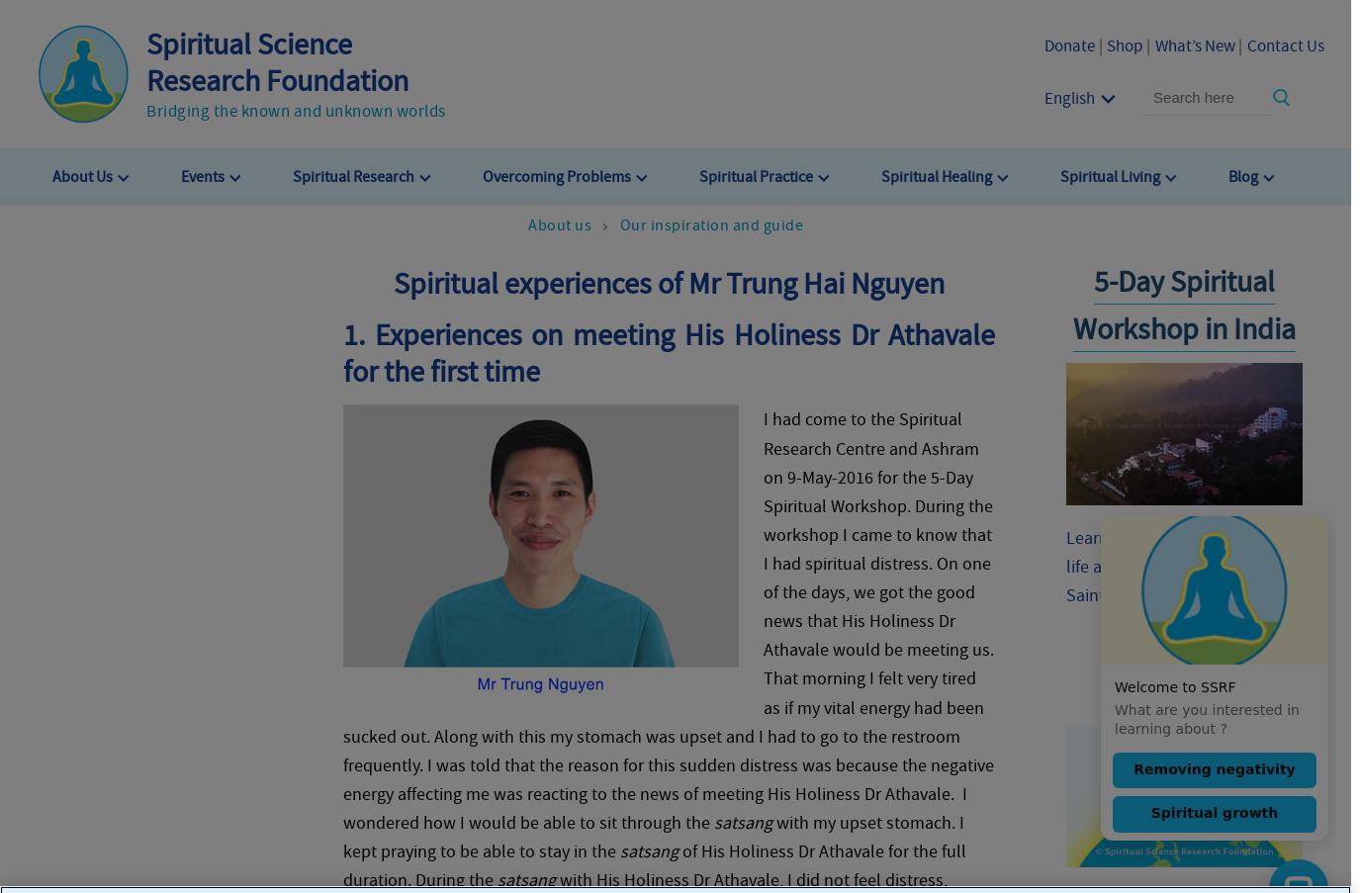  Describe the element at coordinates (1183, 665) in the screenshot. I see `'Worldwide Spiritual Tour'` at that location.